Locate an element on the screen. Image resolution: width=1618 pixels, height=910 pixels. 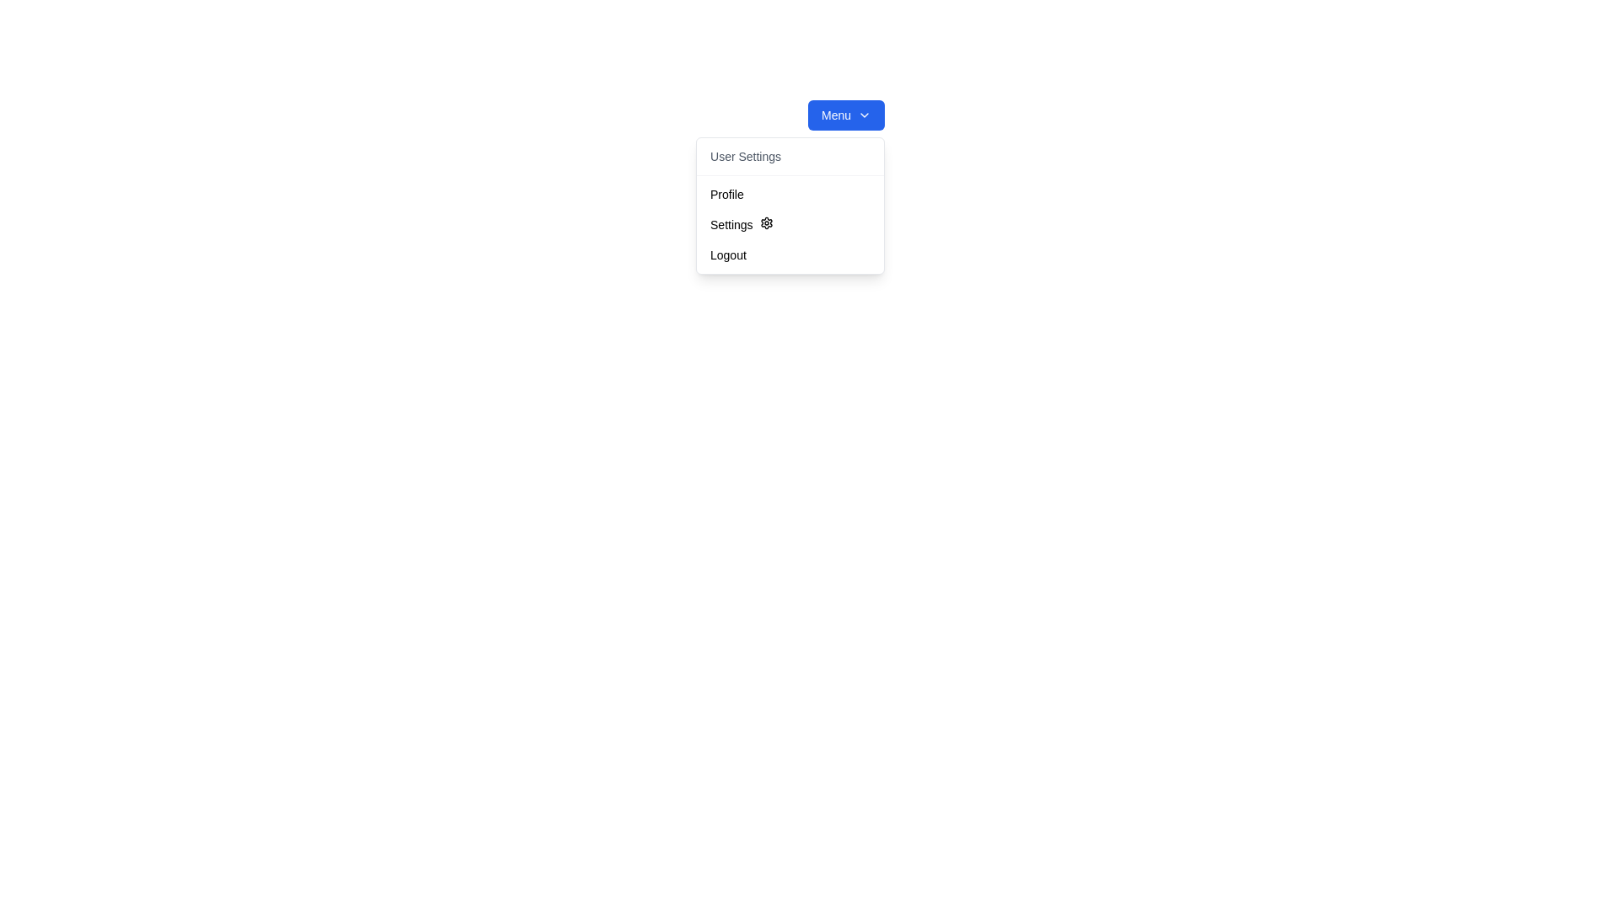
the settings button located in the vertical menu between the 'Profile' option above and the 'Logout' option below is located at coordinates (790, 223).